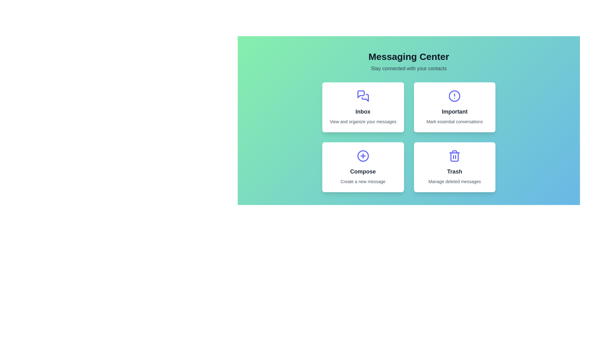 This screenshot has height=337, width=599. Describe the element at coordinates (455, 182) in the screenshot. I see `the content of the Text Label that provides additional detail about the 'Trash' feature located beneath the 'Trash' label and icon within the lower section of the 'Trash' card` at that location.